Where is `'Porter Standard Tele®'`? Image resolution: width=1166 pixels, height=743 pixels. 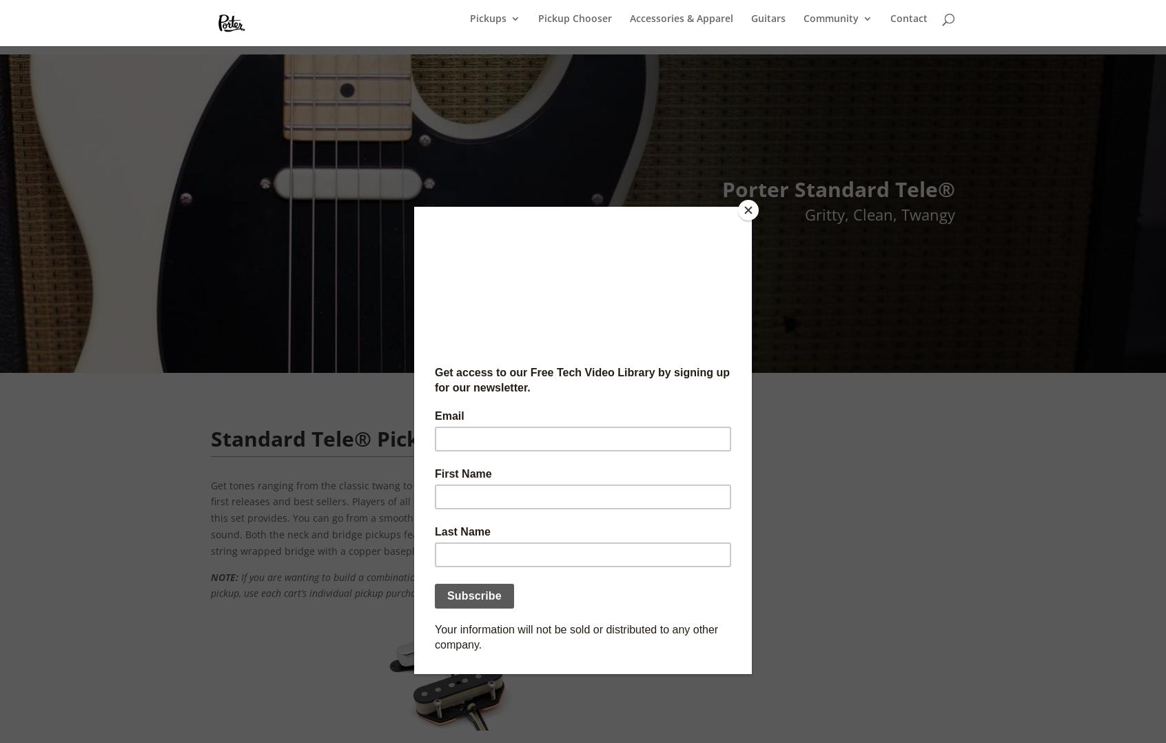 'Porter Standard Tele®' is located at coordinates (838, 189).